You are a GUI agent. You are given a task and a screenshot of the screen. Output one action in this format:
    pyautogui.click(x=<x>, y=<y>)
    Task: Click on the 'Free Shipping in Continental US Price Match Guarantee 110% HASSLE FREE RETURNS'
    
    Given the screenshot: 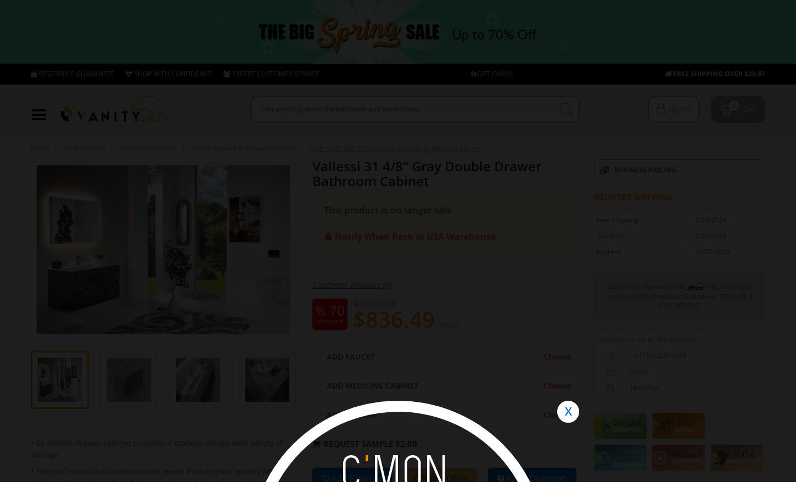 What is the action you would take?
    pyautogui.click(x=680, y=294)
    